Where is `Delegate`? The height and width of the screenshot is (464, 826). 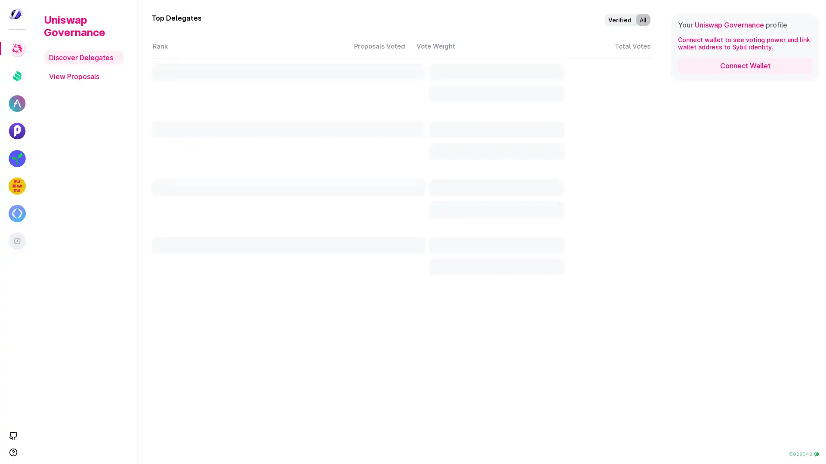
Delegate is located at coordinates (570, 285).